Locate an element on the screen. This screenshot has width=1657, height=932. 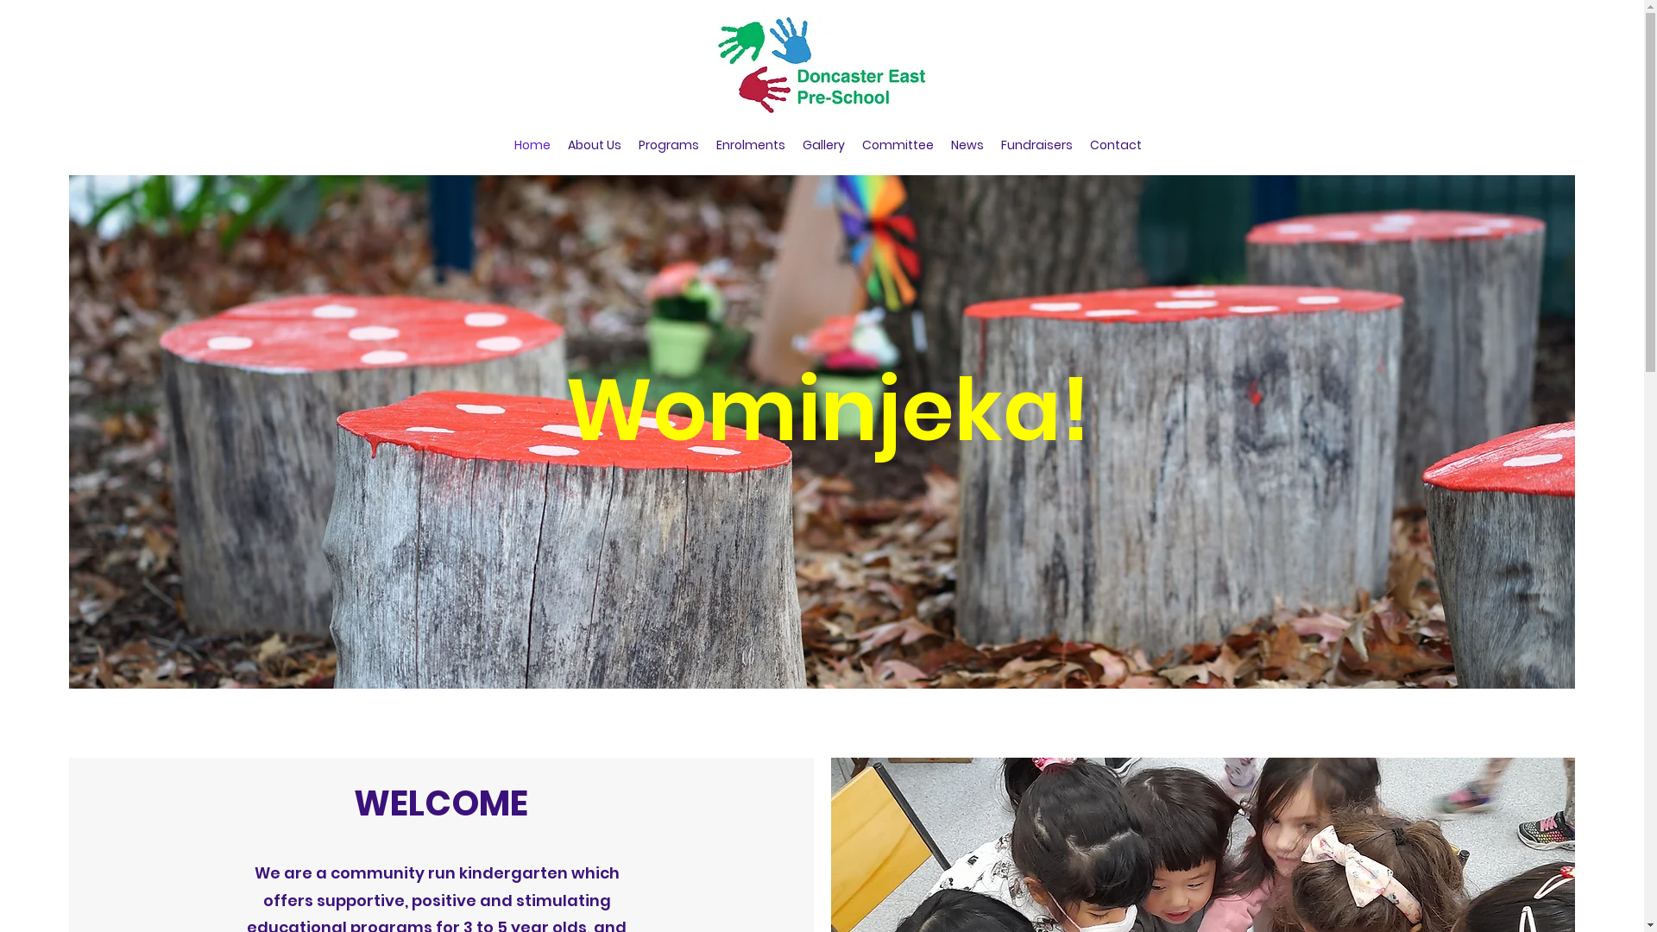
'Contact' is located at coordinates (1080, 144).